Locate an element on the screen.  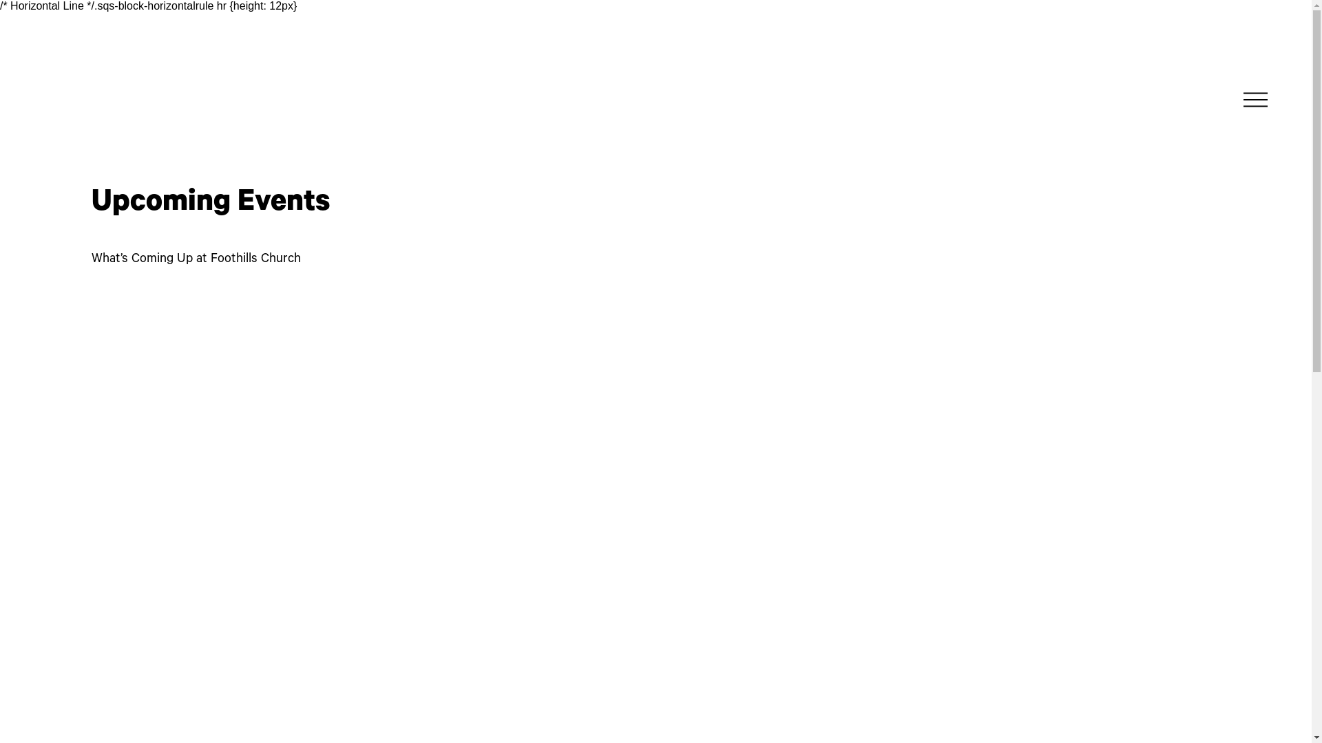
'Open Menu' is located at coordinates (1239, 98).